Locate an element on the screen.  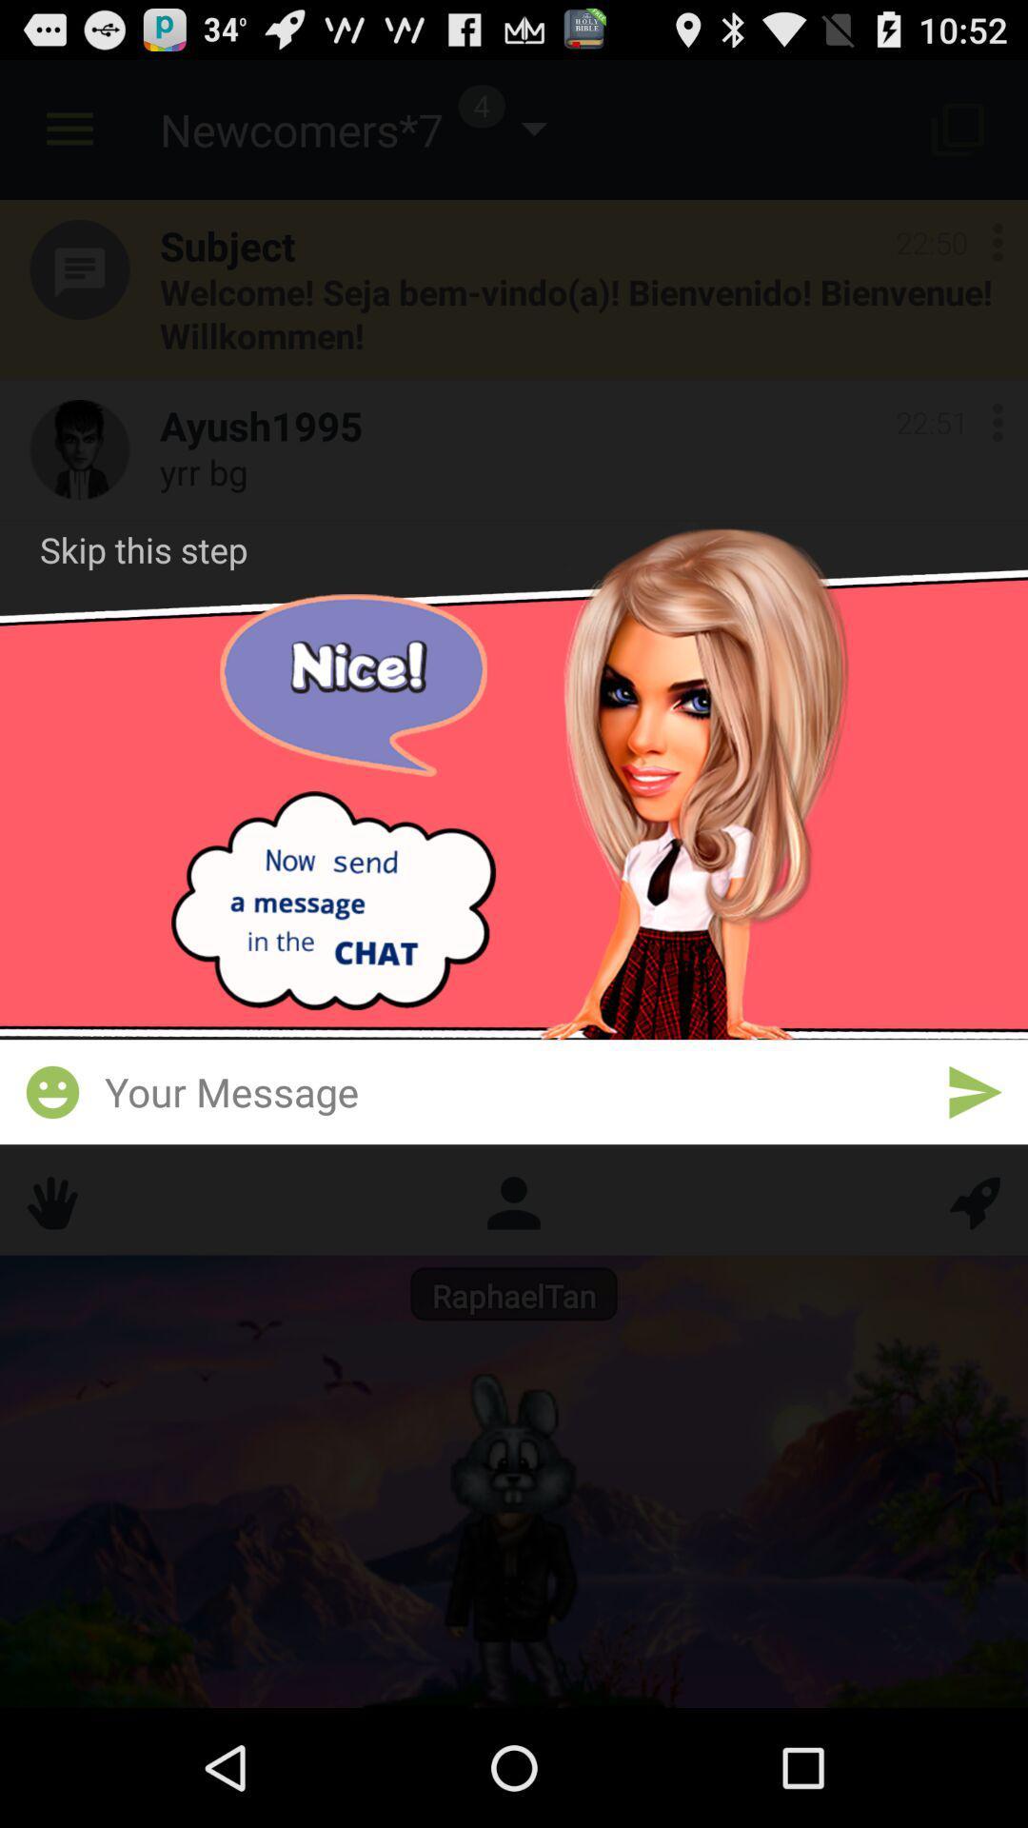
send option is located at coordinates (975, 1092).